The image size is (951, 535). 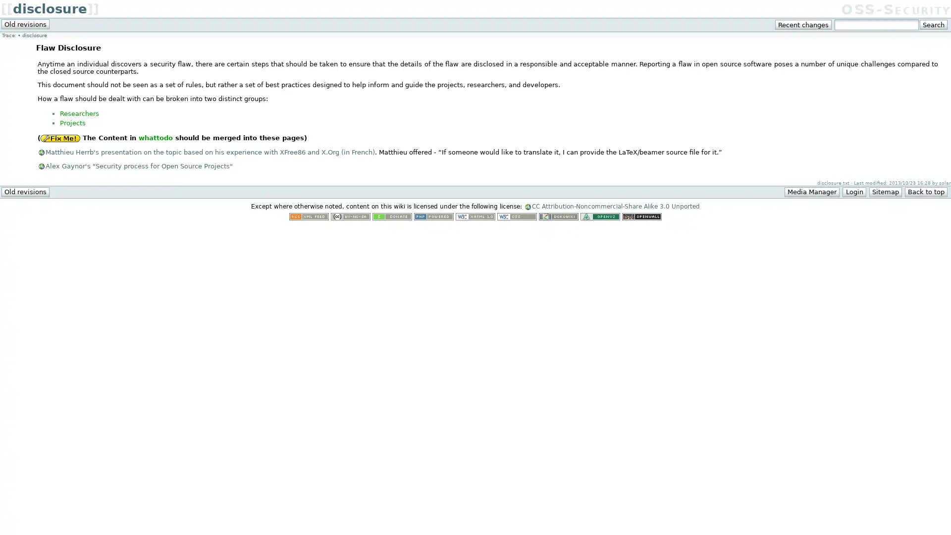 I want to click on Old revisions, so click(x=25, y=24).